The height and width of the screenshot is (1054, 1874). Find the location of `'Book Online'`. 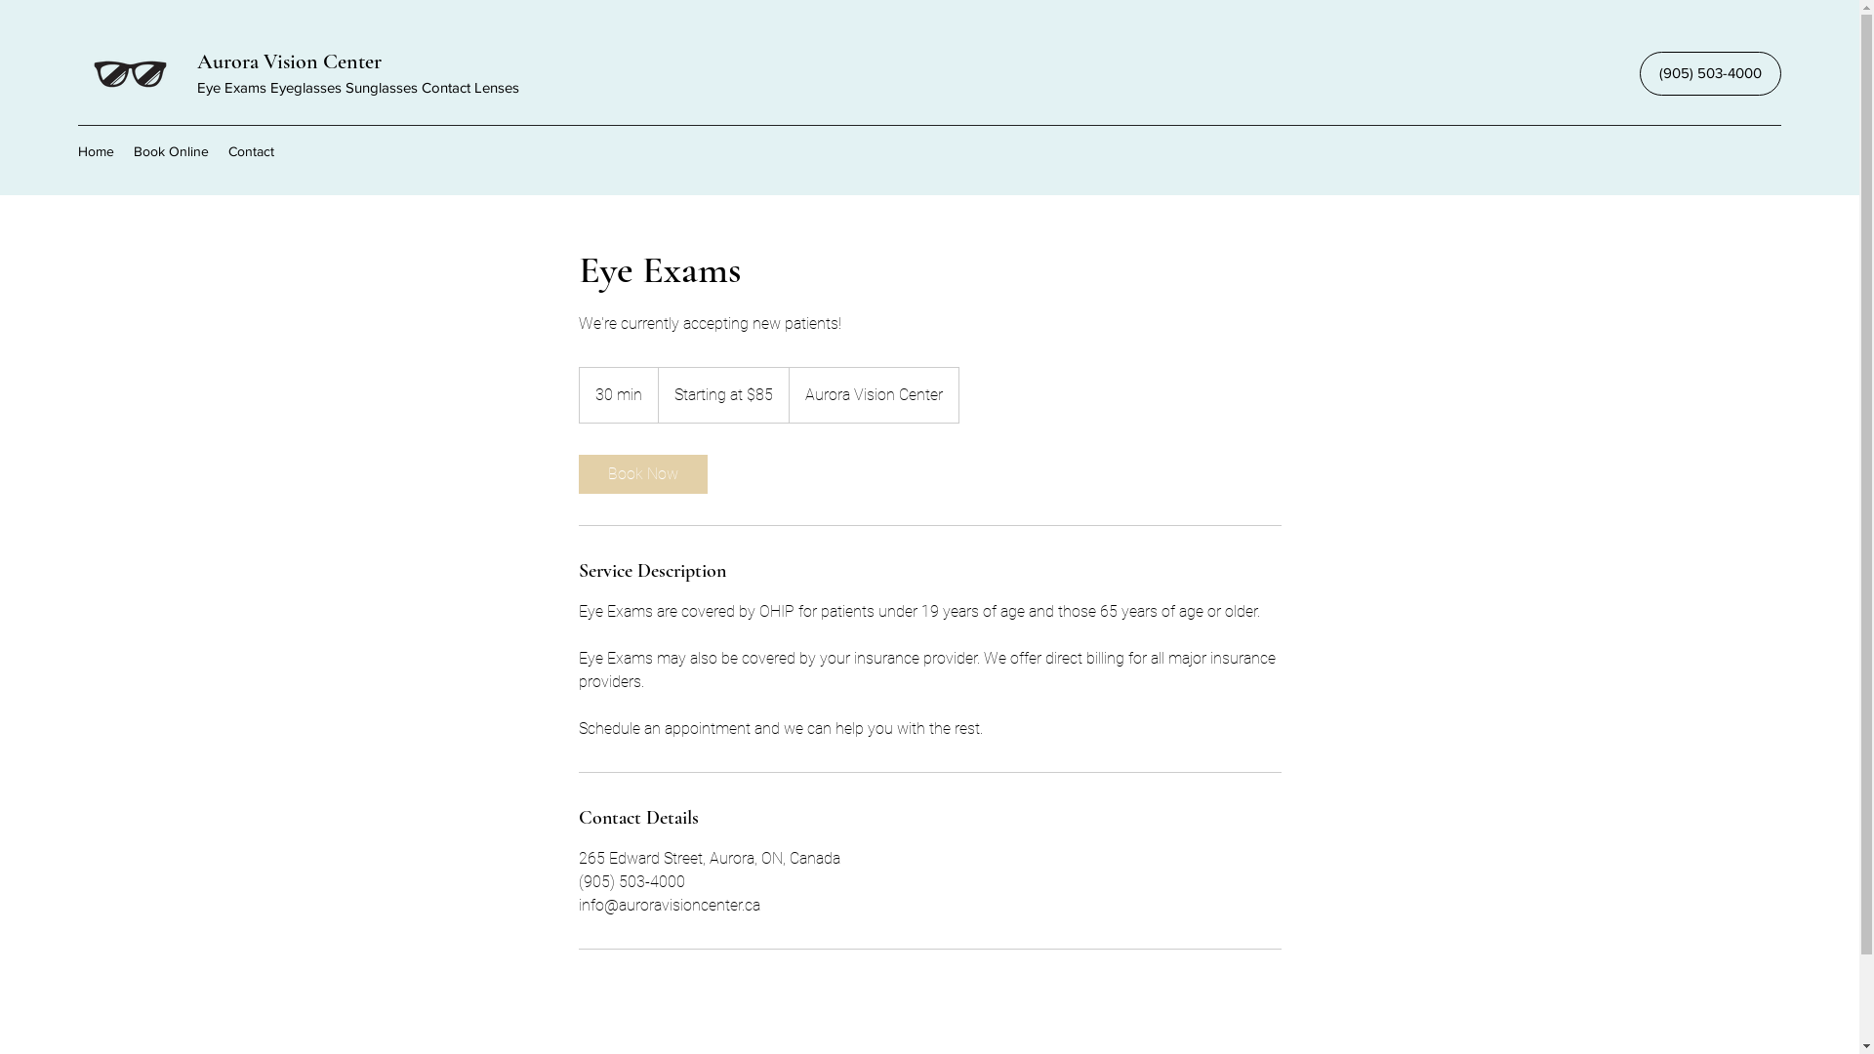

'Book Online' is located at coordinates (171, 149).